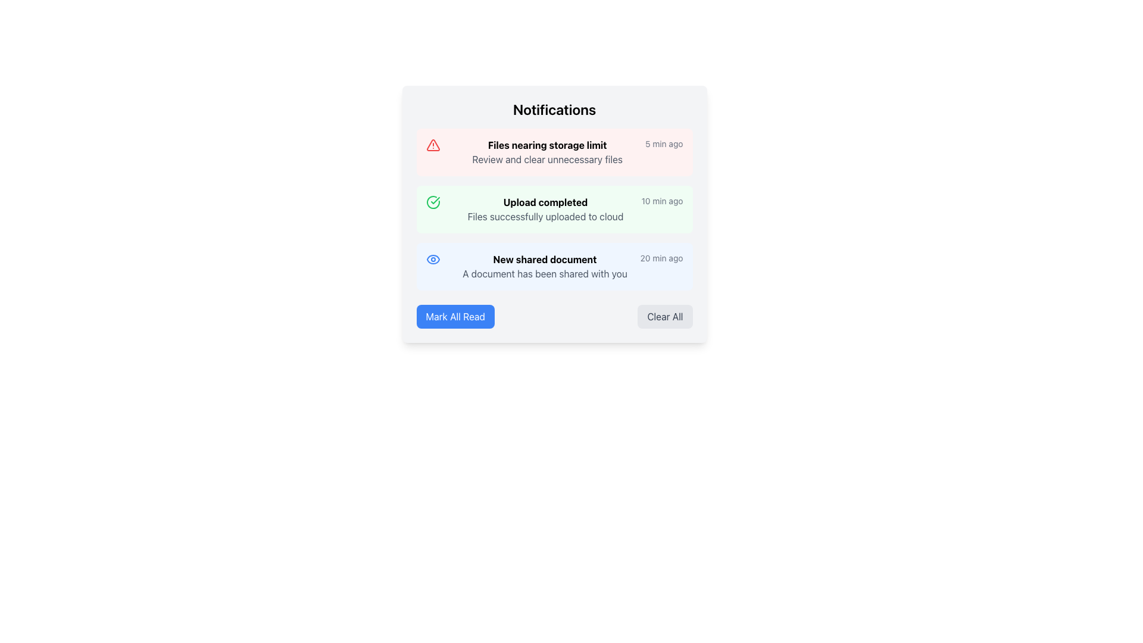  I want to click on the text label that serves as the title for the notifications section, located at the top of the notification list in the centered card, so click(554, 110).